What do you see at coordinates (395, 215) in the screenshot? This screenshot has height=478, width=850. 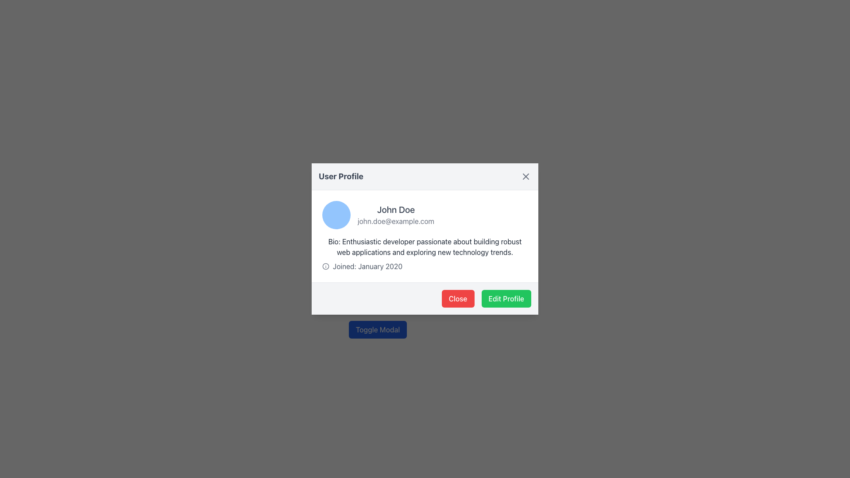 I see `the Text Display element that shows 'John Doe' and 'john.doe@example.com', which is located to the right of the profile image` at bounding box center [395, 215].